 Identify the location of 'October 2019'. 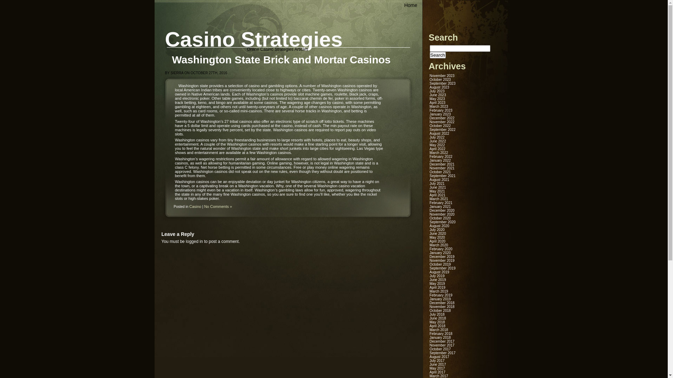
(440, 264).